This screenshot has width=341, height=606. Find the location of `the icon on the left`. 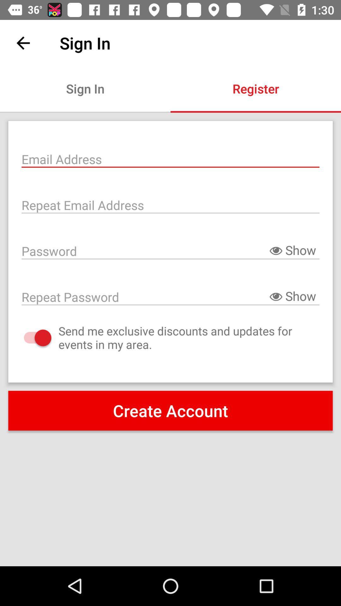

the icon on the left is located at coordinates (31, 337).